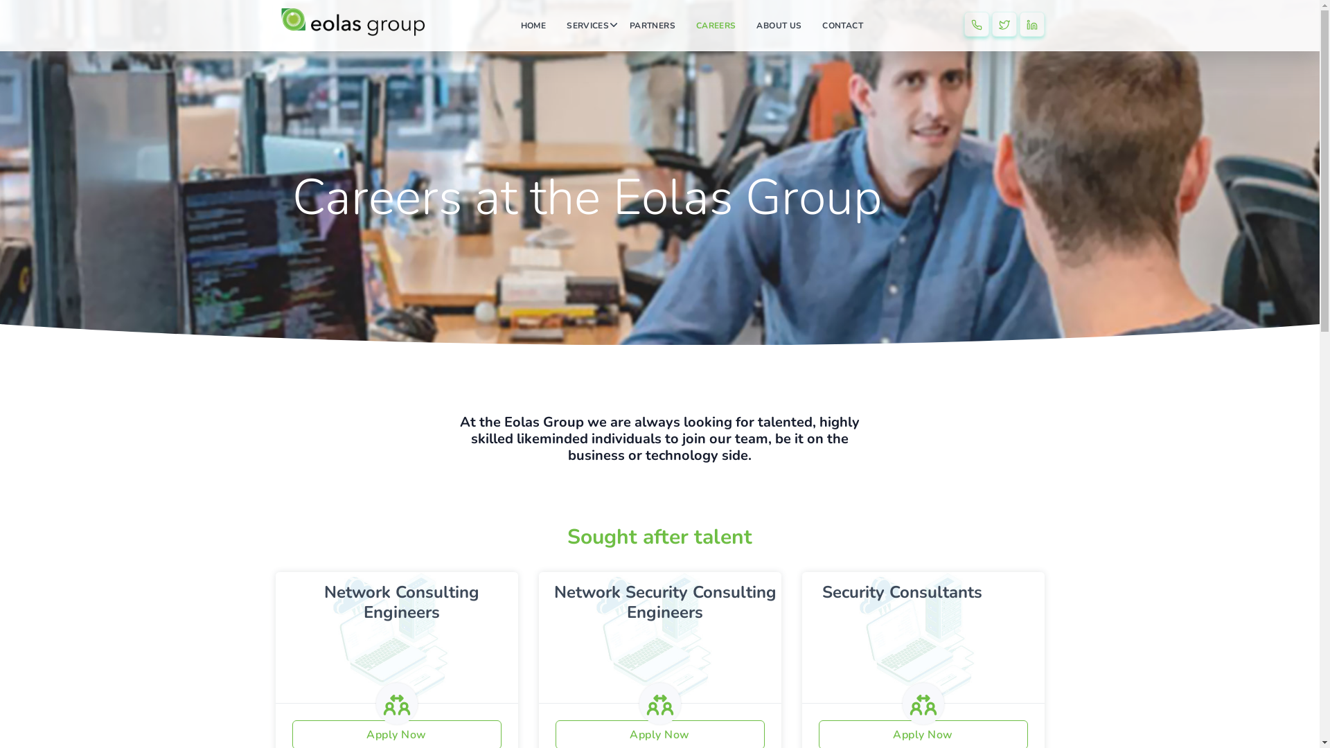 The width and height of the screenshot is (1330, 748). Describe the element at coordinates (842, 26) in the screenshot. I see `'CONTACT'` at that location.